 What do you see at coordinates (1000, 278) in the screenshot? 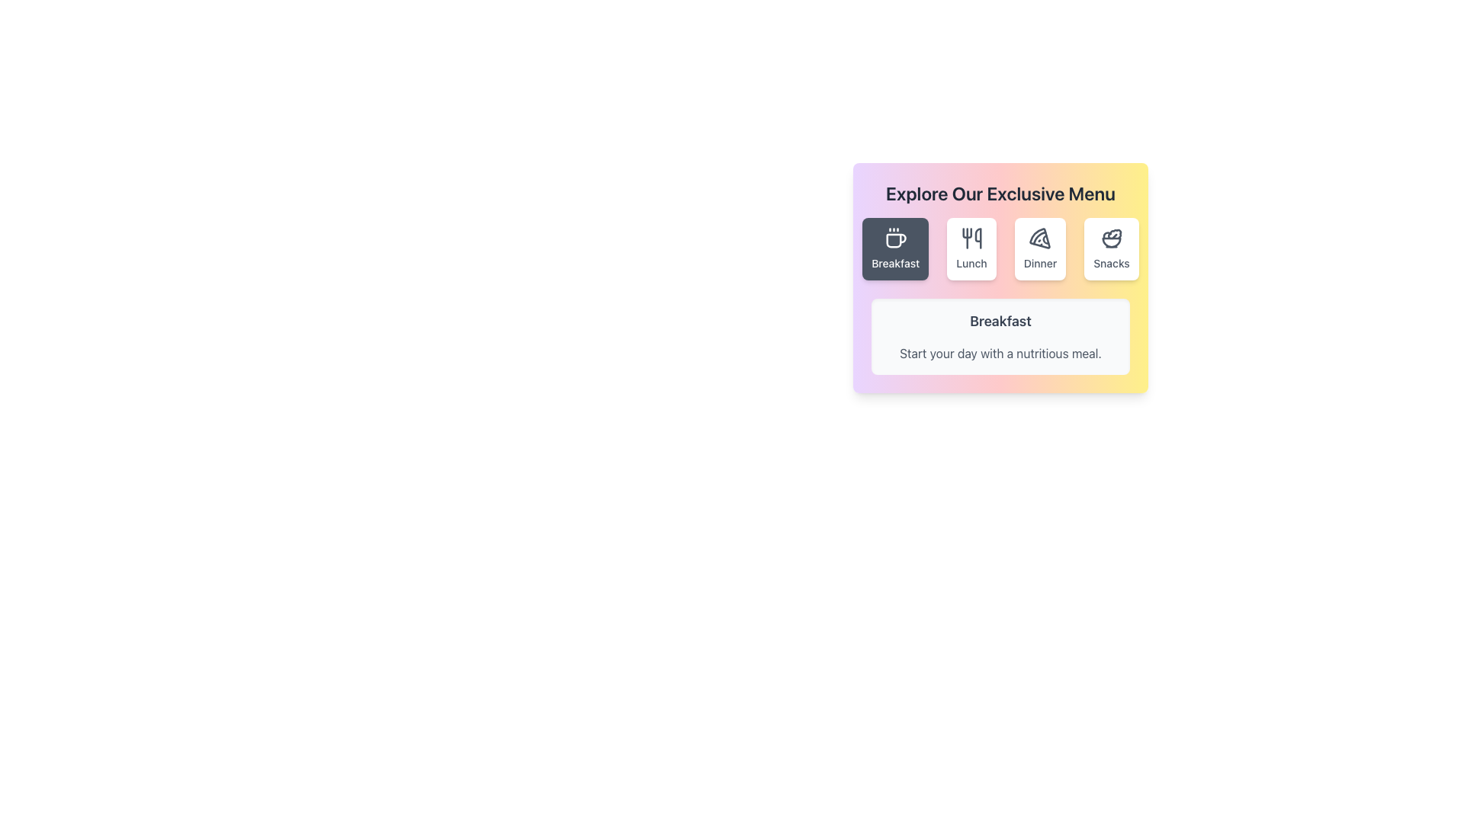
I see `the menu selection area located centrally, below the title 'Explore Our Exclusive Menu'` at bounding box center [1000, 278].